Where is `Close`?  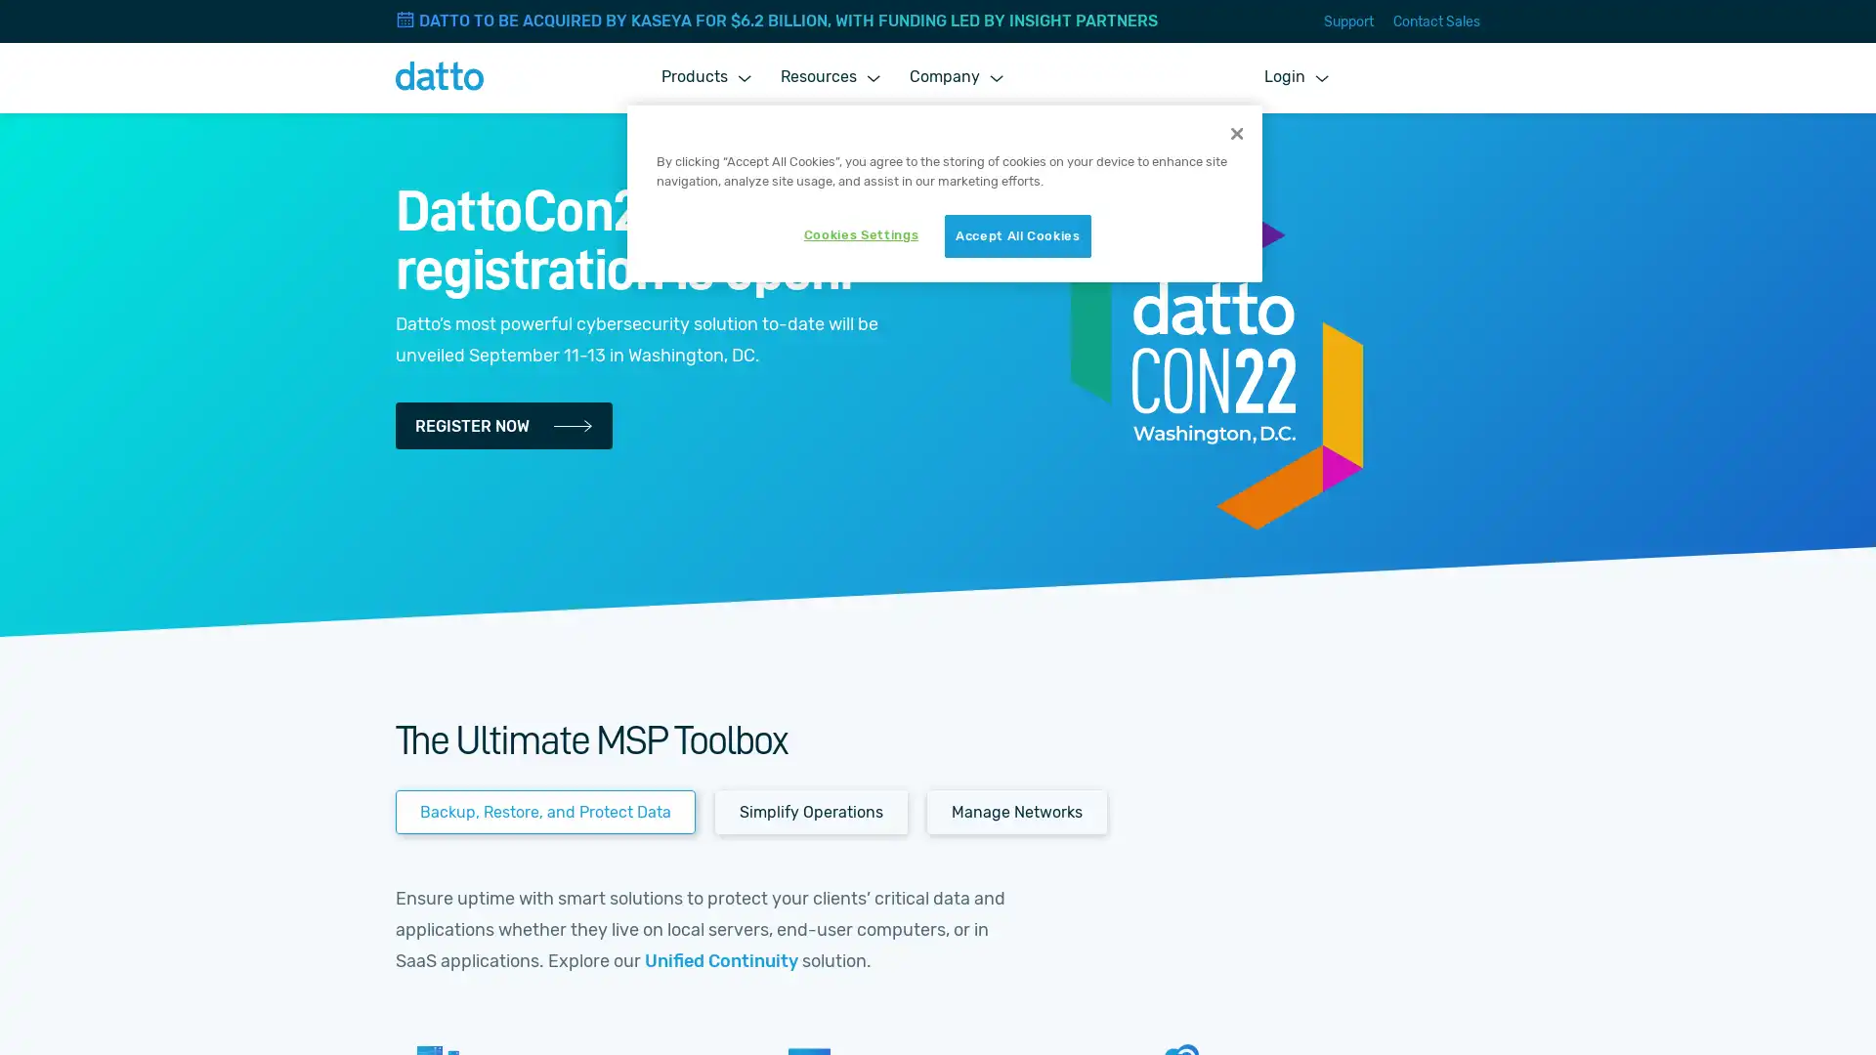
Close is located at coordinates (1236, 133).